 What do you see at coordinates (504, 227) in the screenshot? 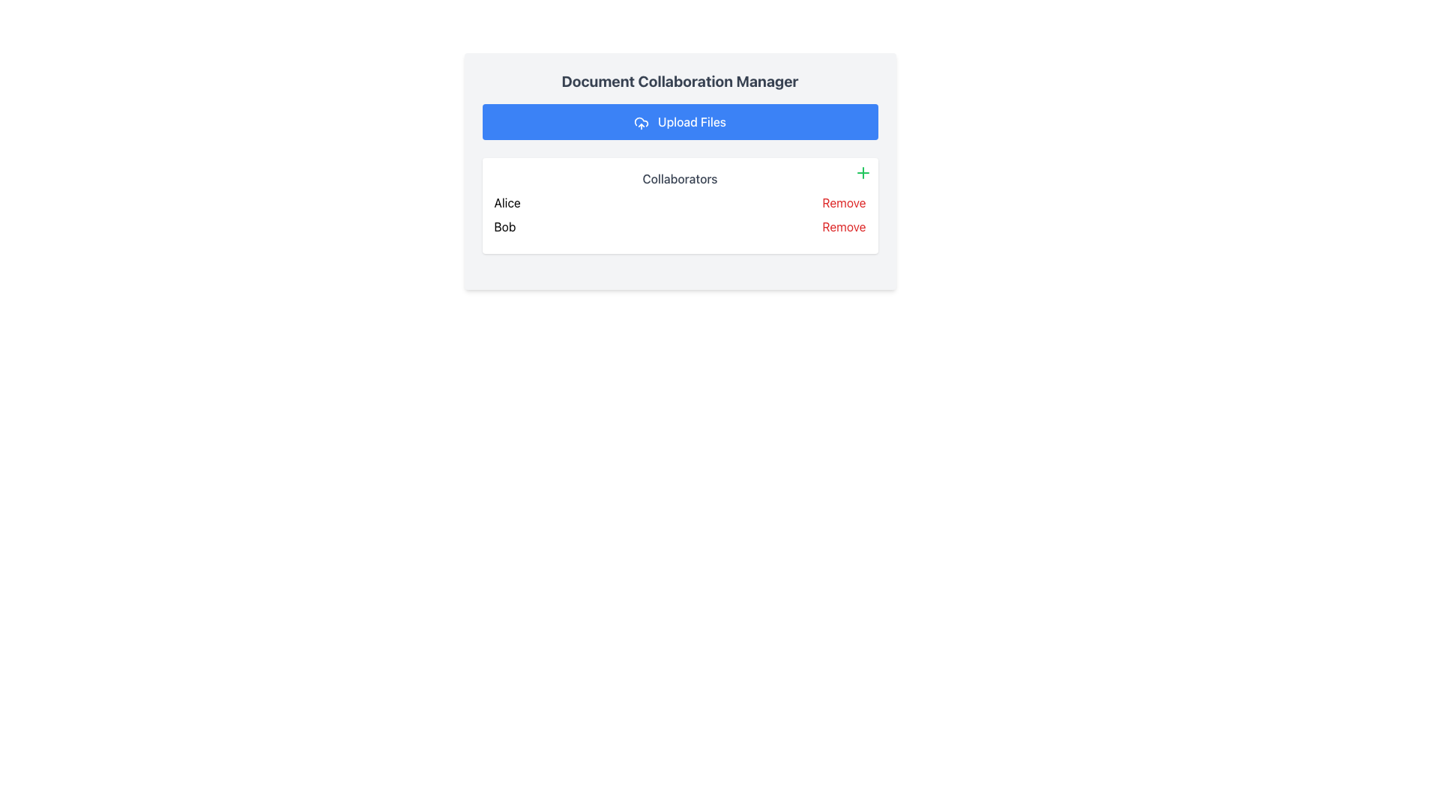
I see `the text label displaying the name 'Bob', which is in bold black text on a white background, located in the collaborators list` at bounding box center [504, 227].